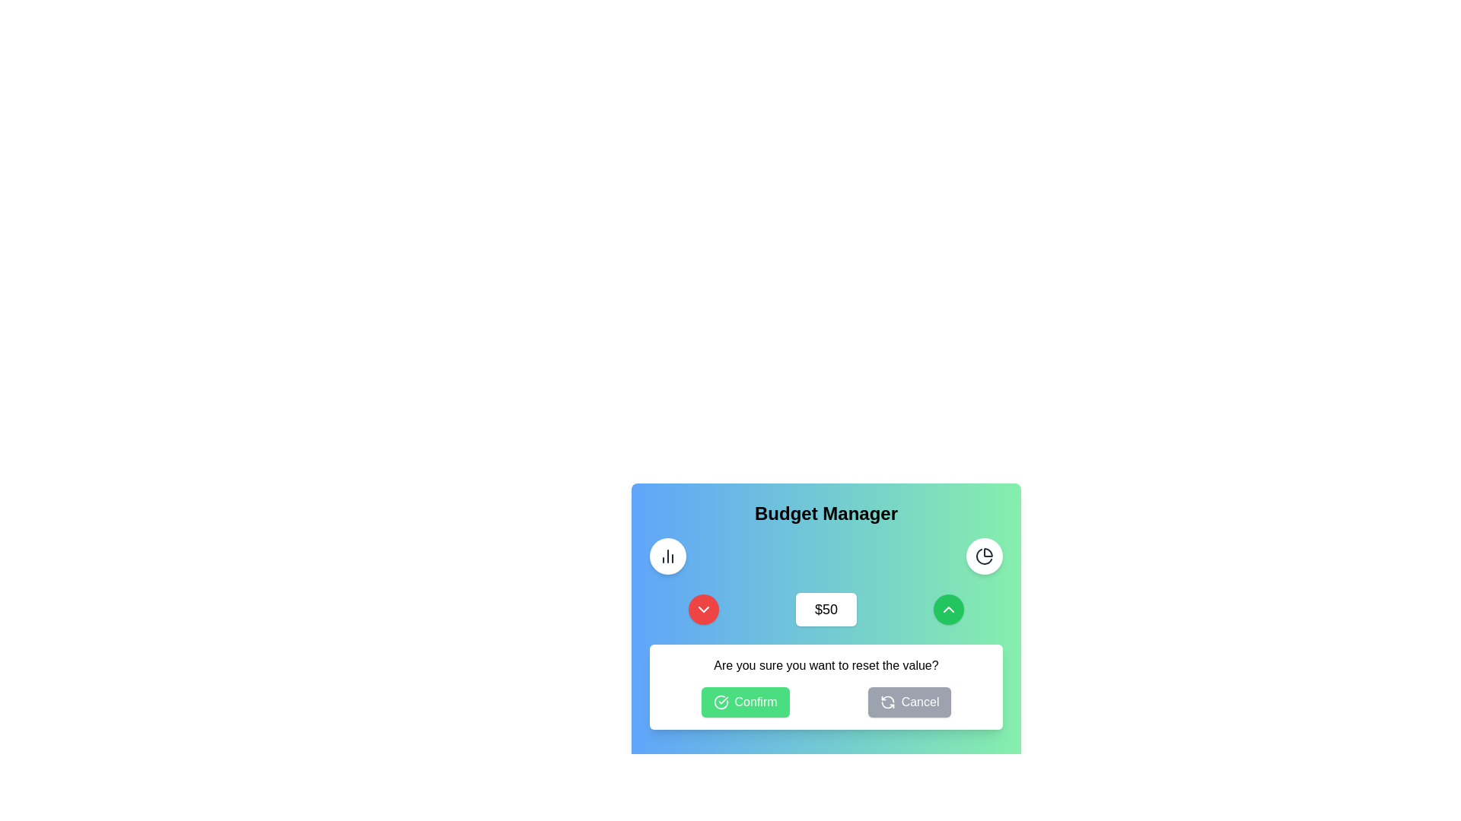 The height and width of the screenshot is (821, 1461). I want to click on the reset or cancel icon located inside the 'Cancel' button at the bottom right of the dialog box, so click(887, 702).